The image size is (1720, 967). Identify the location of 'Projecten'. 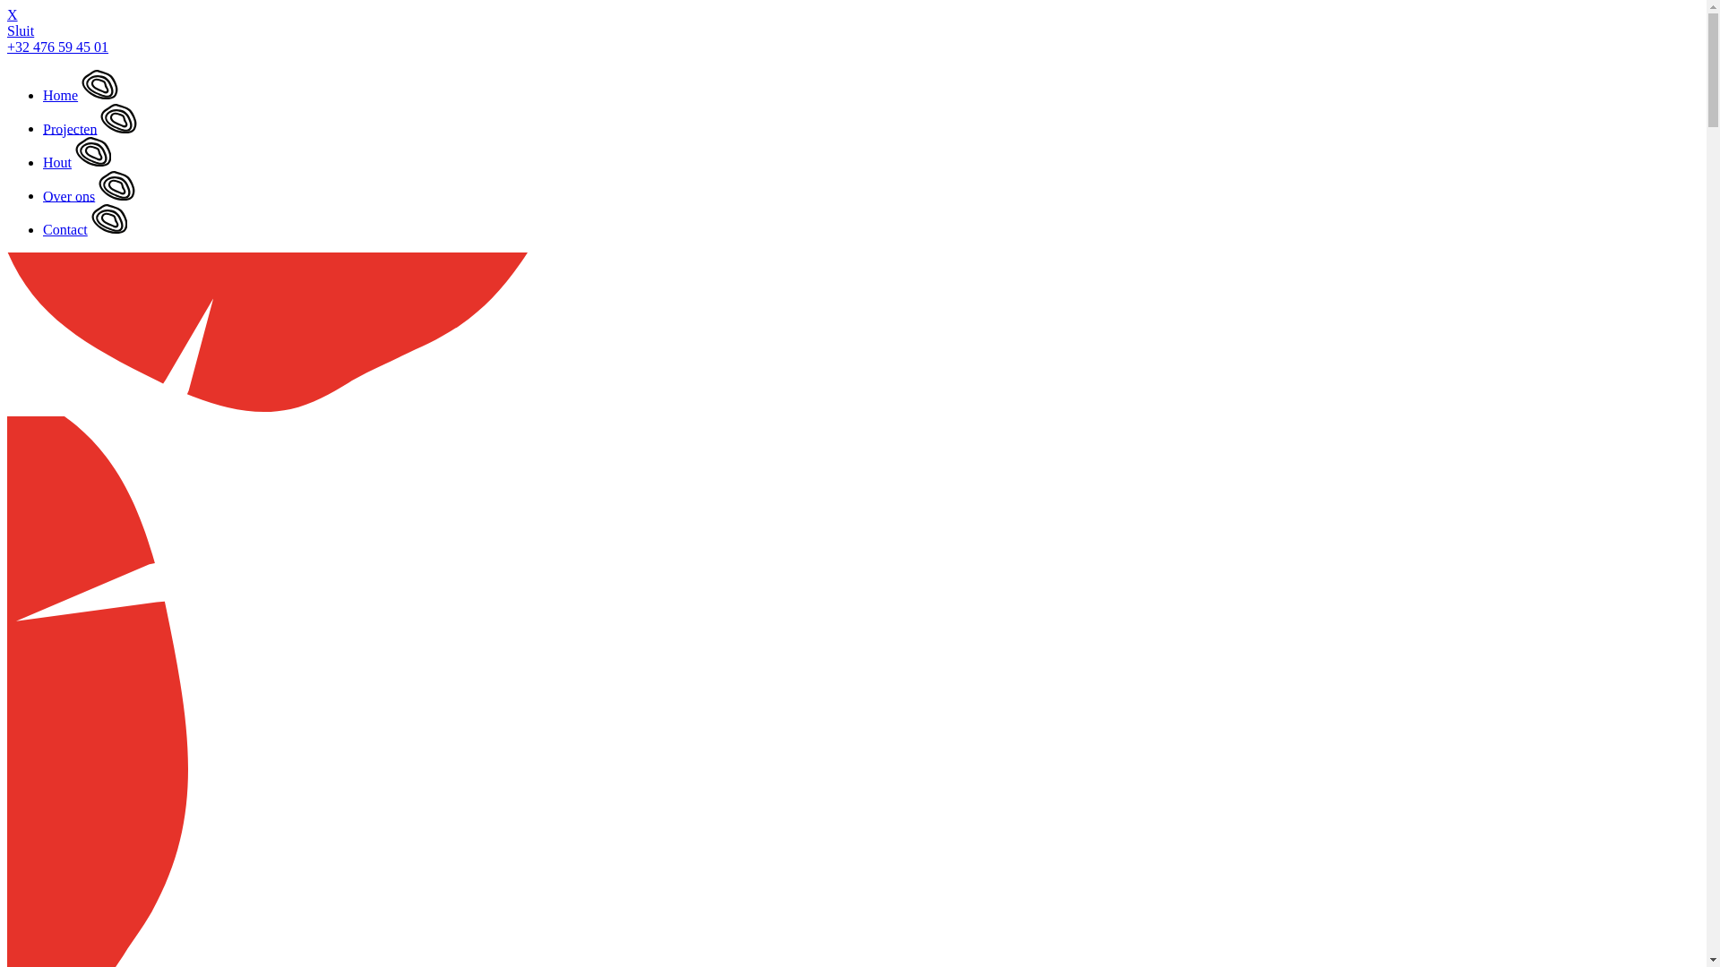
(43, 127).